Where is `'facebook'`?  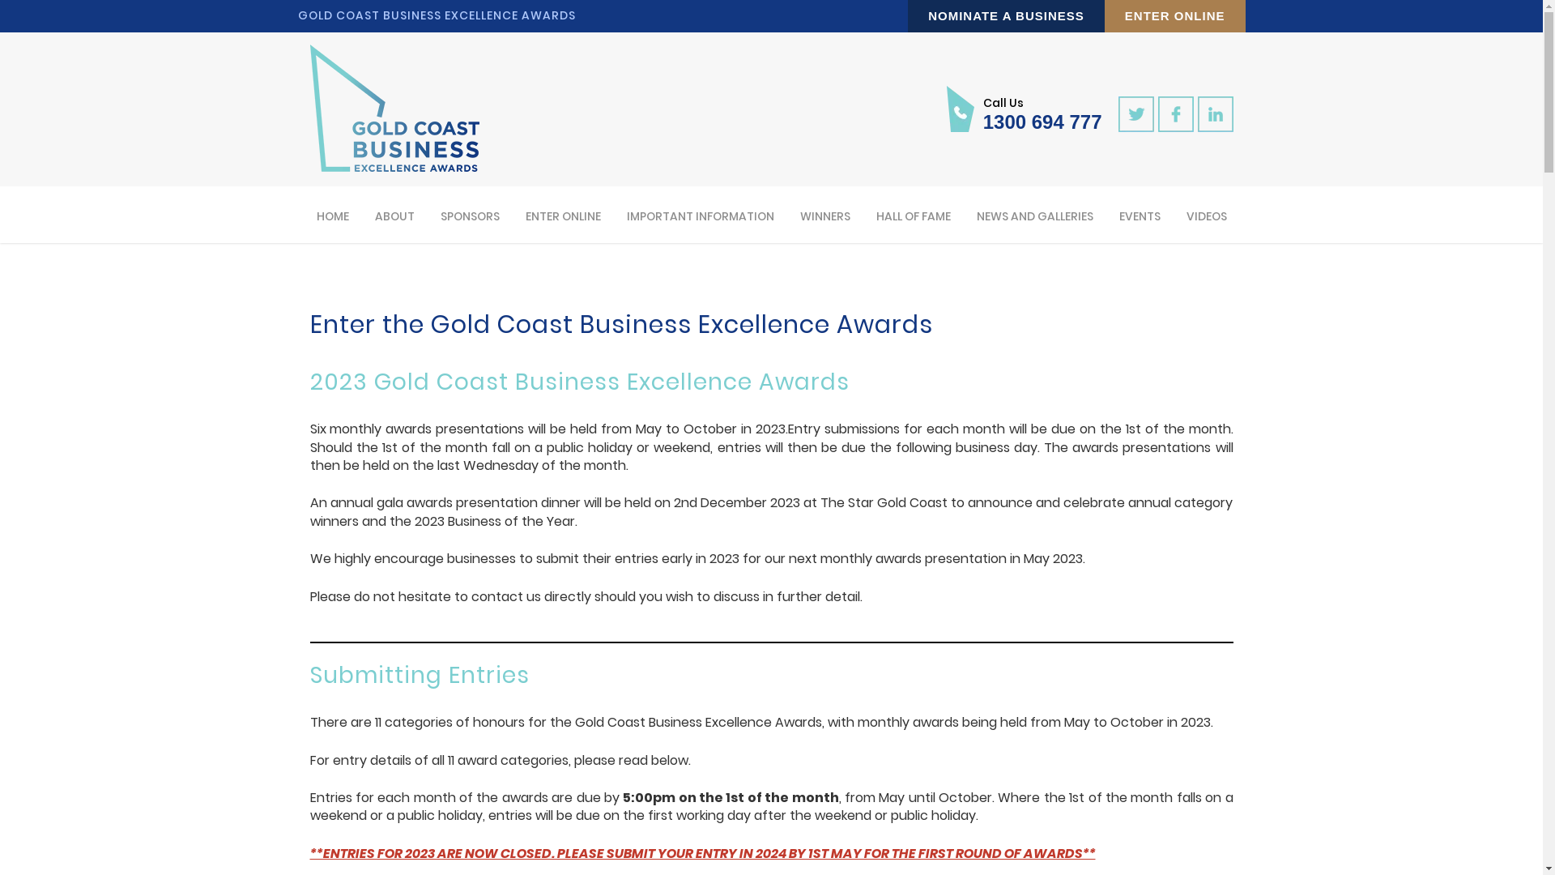 'facebook' is located at coordinates (1175, 113).